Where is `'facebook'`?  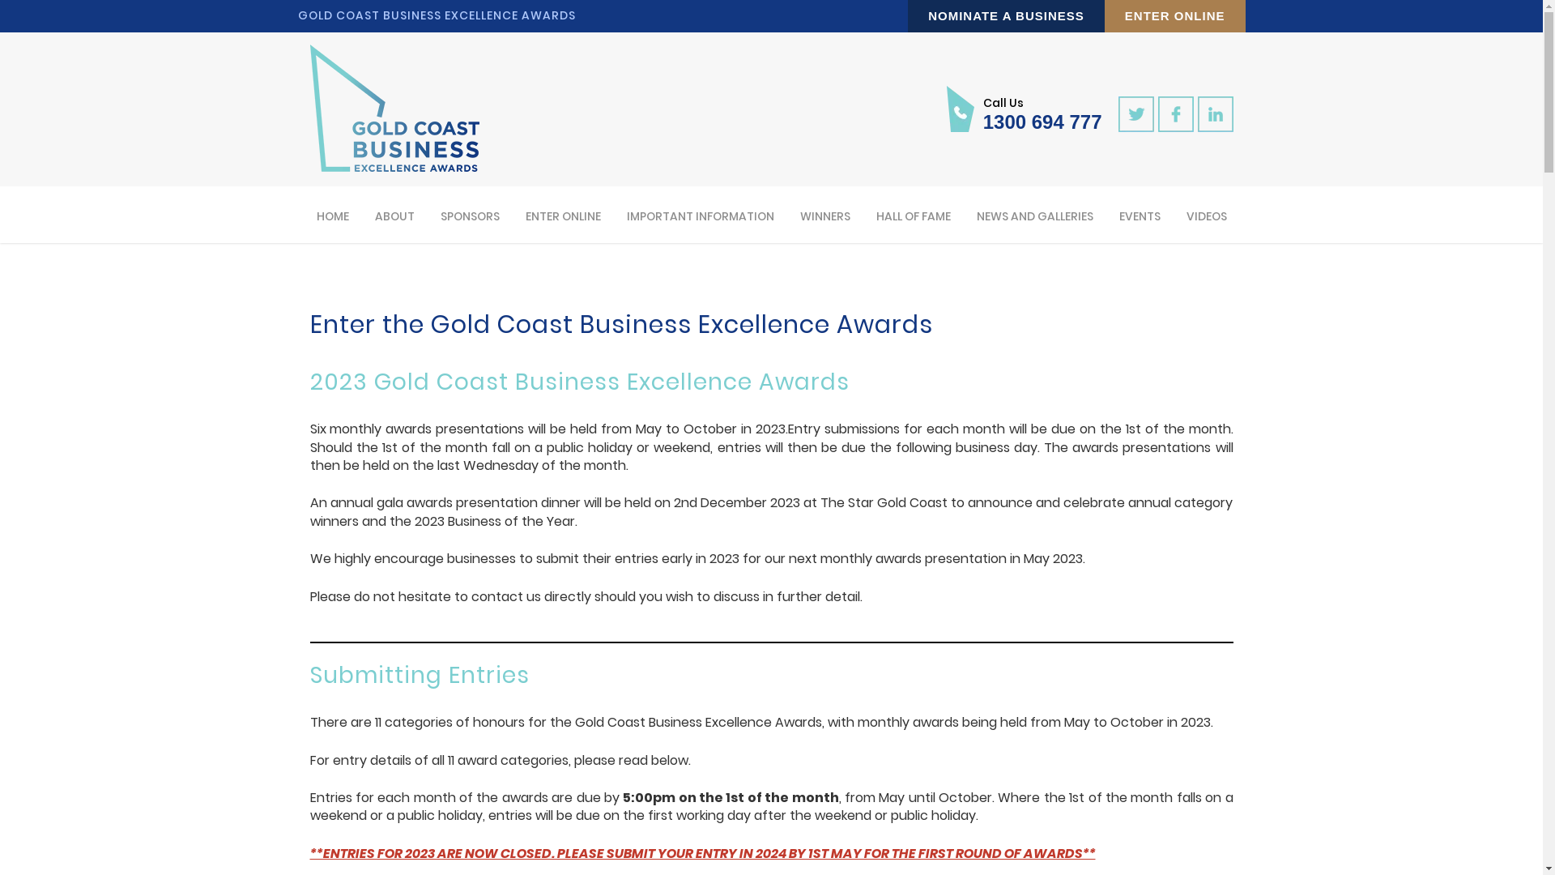 'facebook' is located at coordinates (1175, 113).